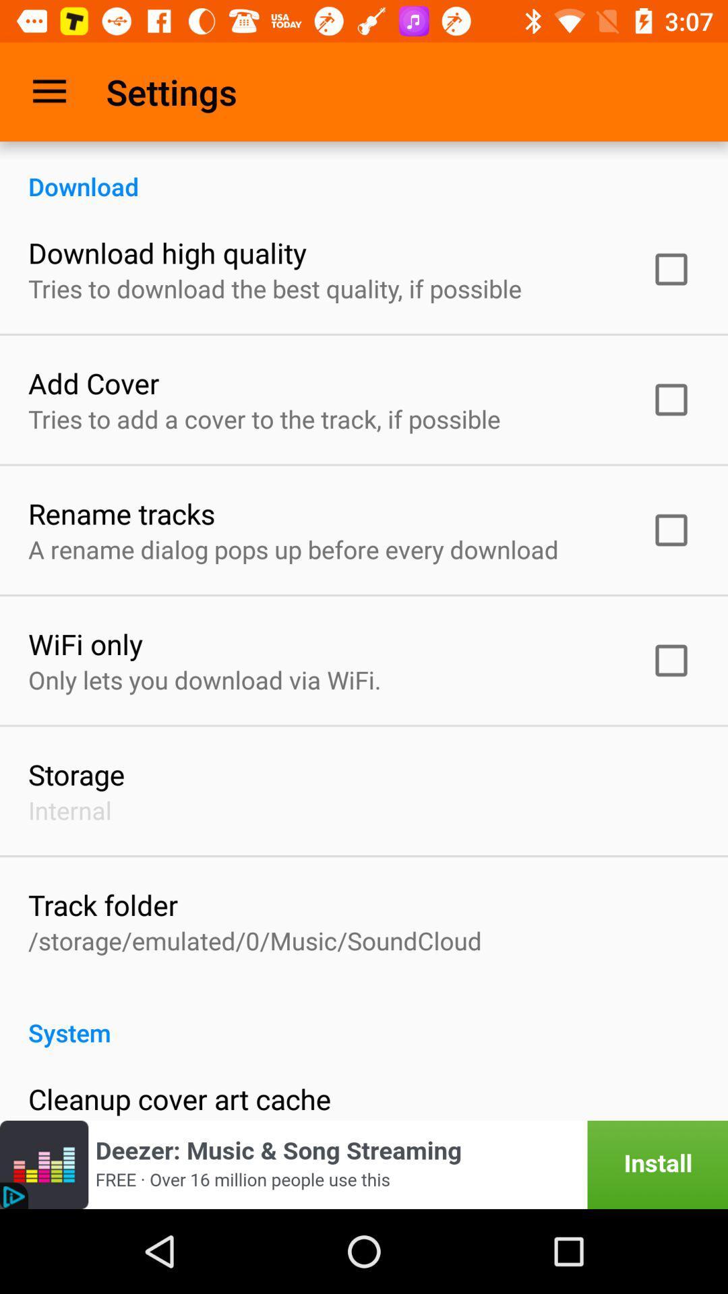 This screenshot has height=1294, width=728. I want to click on the storage emulated 0, so click(255, 939).